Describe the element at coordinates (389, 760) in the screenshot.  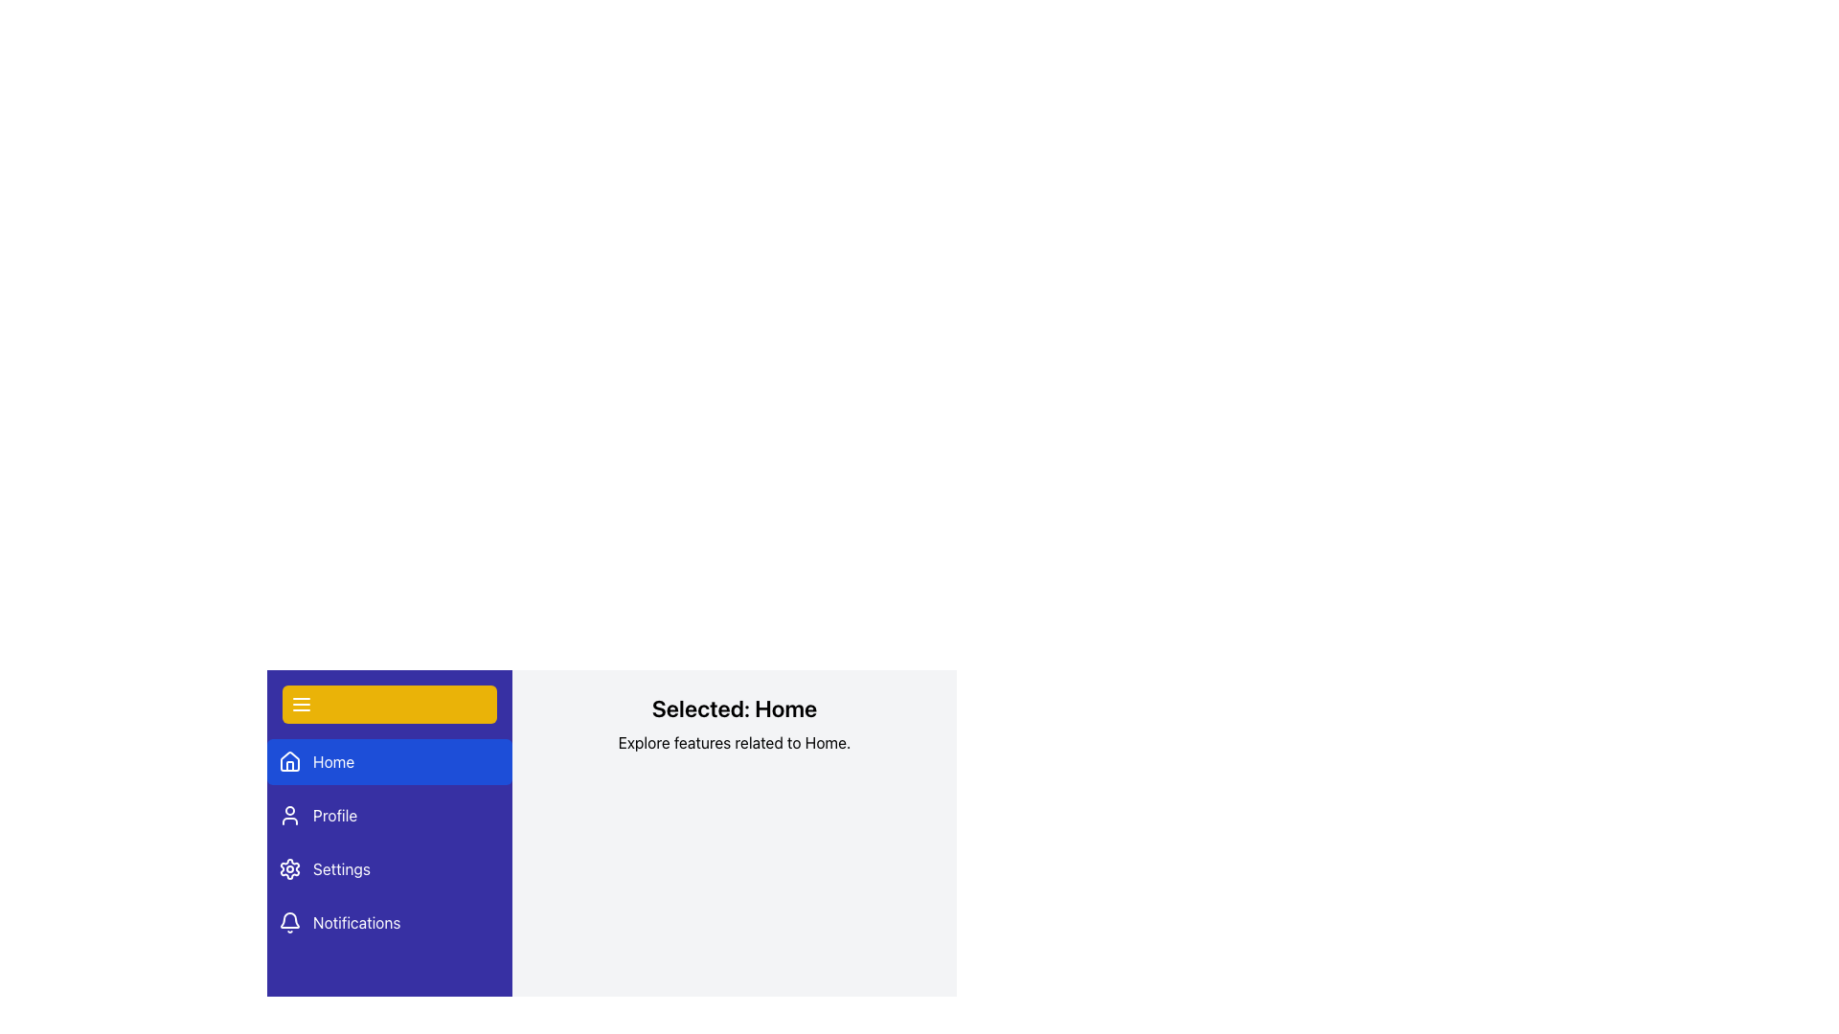
I see `the navigation button labeled 'Home' located at the top of the vertical navigation menu on the left side of the interface` at that location.